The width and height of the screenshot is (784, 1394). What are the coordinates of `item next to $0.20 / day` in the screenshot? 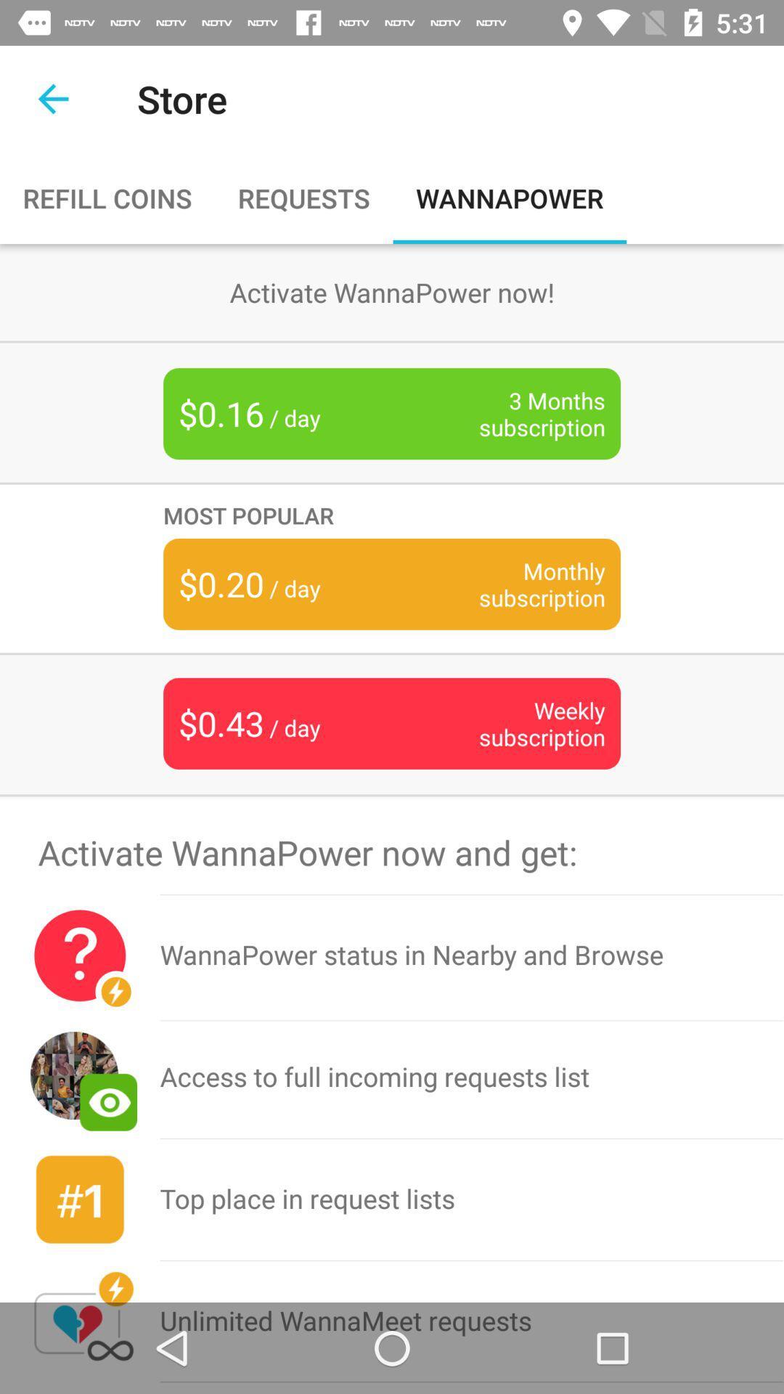 It's located at (519, 584).